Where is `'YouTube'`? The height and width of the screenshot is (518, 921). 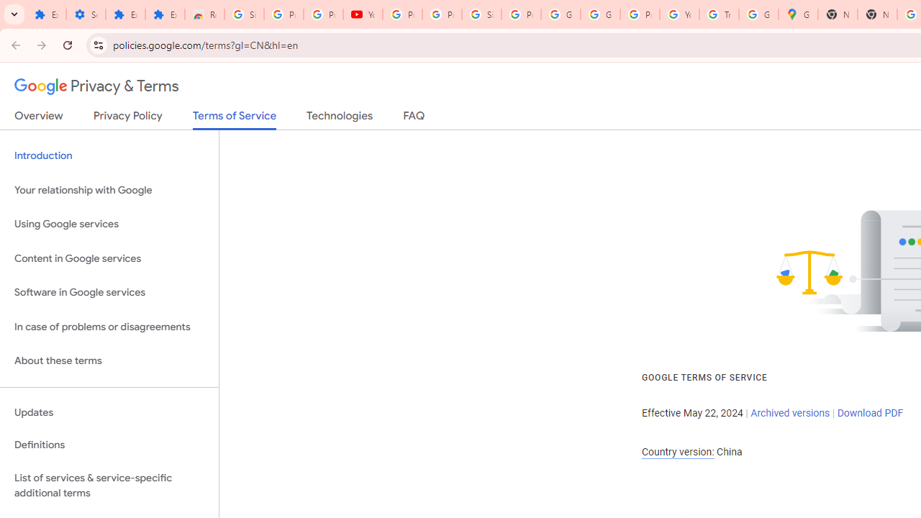
'YouTube' is located at coordinates (363, 14).